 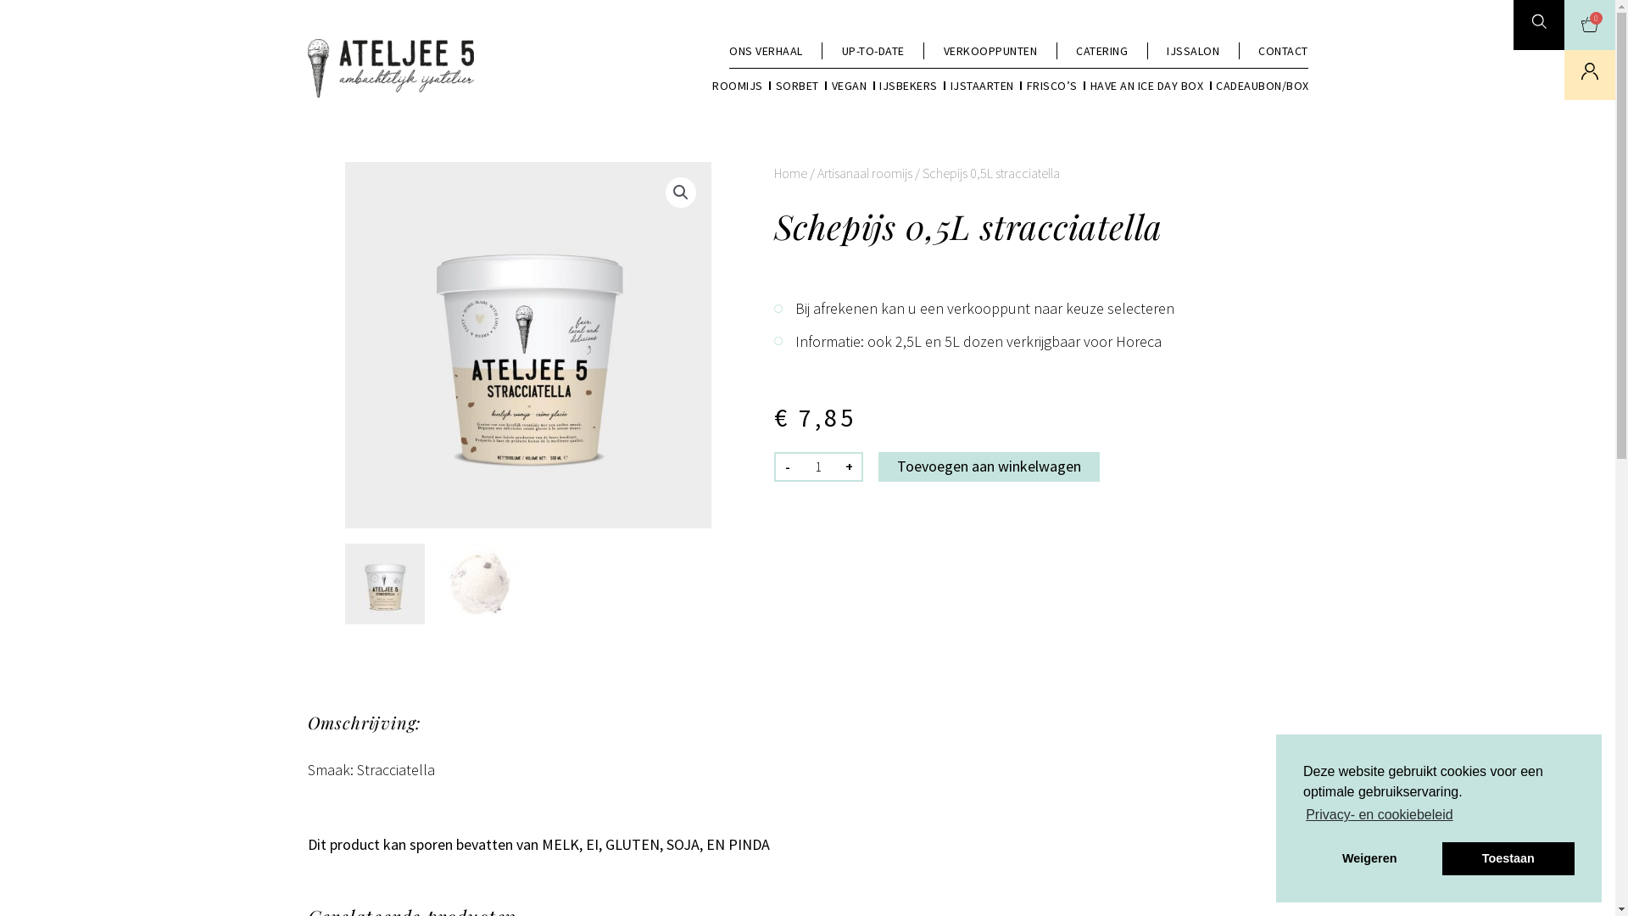 I want to click on '-', so click(x=784, y=466).